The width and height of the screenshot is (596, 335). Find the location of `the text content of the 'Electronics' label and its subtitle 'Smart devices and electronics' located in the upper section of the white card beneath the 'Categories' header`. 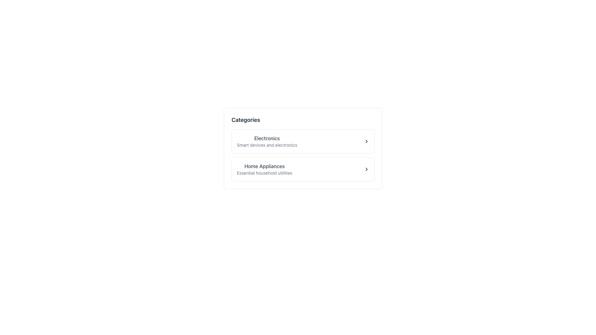

the text content of the 'Electronics' label and its subtitle 'Smart devices and electronics' located in the upper section of the white card beneath the 'Categories' header is located at coordinates (267, 141).